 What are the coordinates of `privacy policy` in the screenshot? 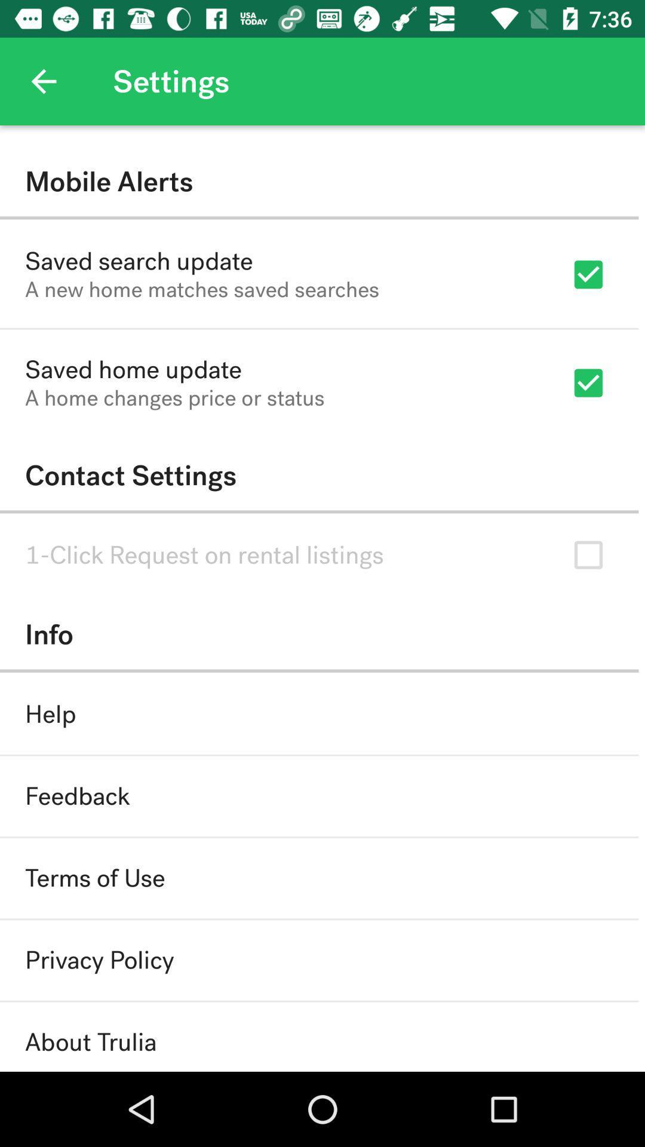 It's located at (99, 960).